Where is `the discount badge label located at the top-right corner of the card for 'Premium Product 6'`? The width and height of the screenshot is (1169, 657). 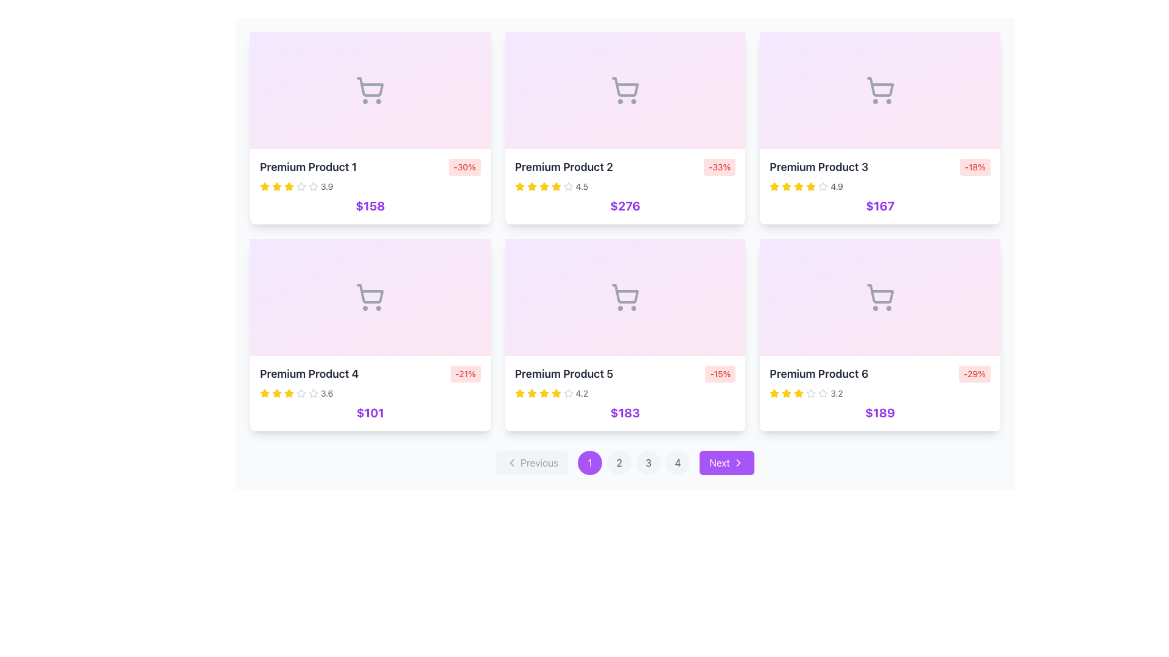 the discount badge label located at the top-right corner of the card for 'Premium Product 6' is located at coordinates (974, 373).